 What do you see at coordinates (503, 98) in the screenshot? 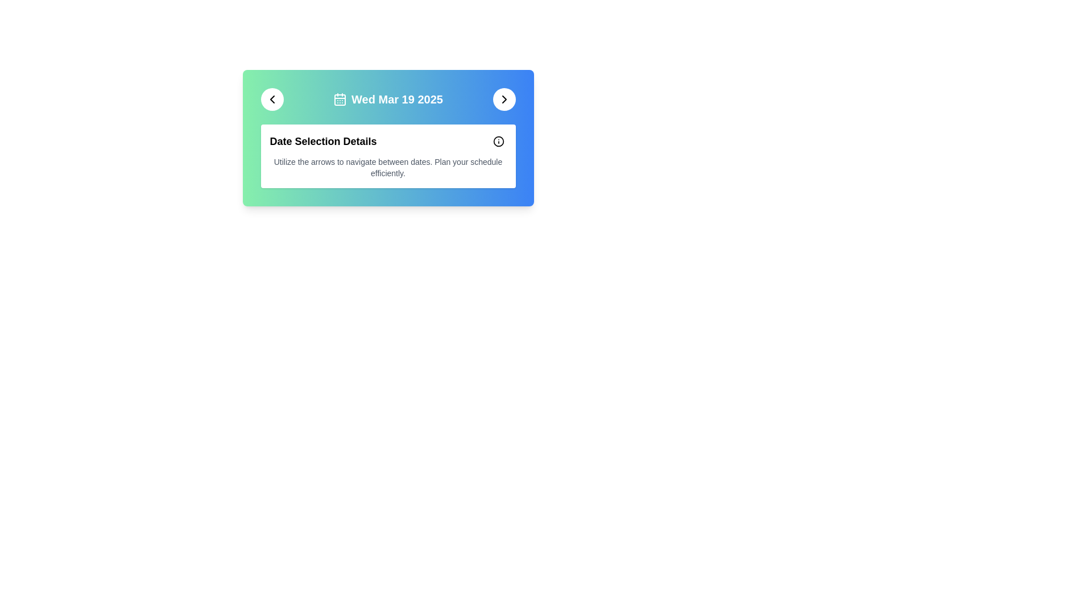
I see `the right-pointing chevron icon located inside a circular button on the right side of the colored header bar` at bounding box center [503, 98].